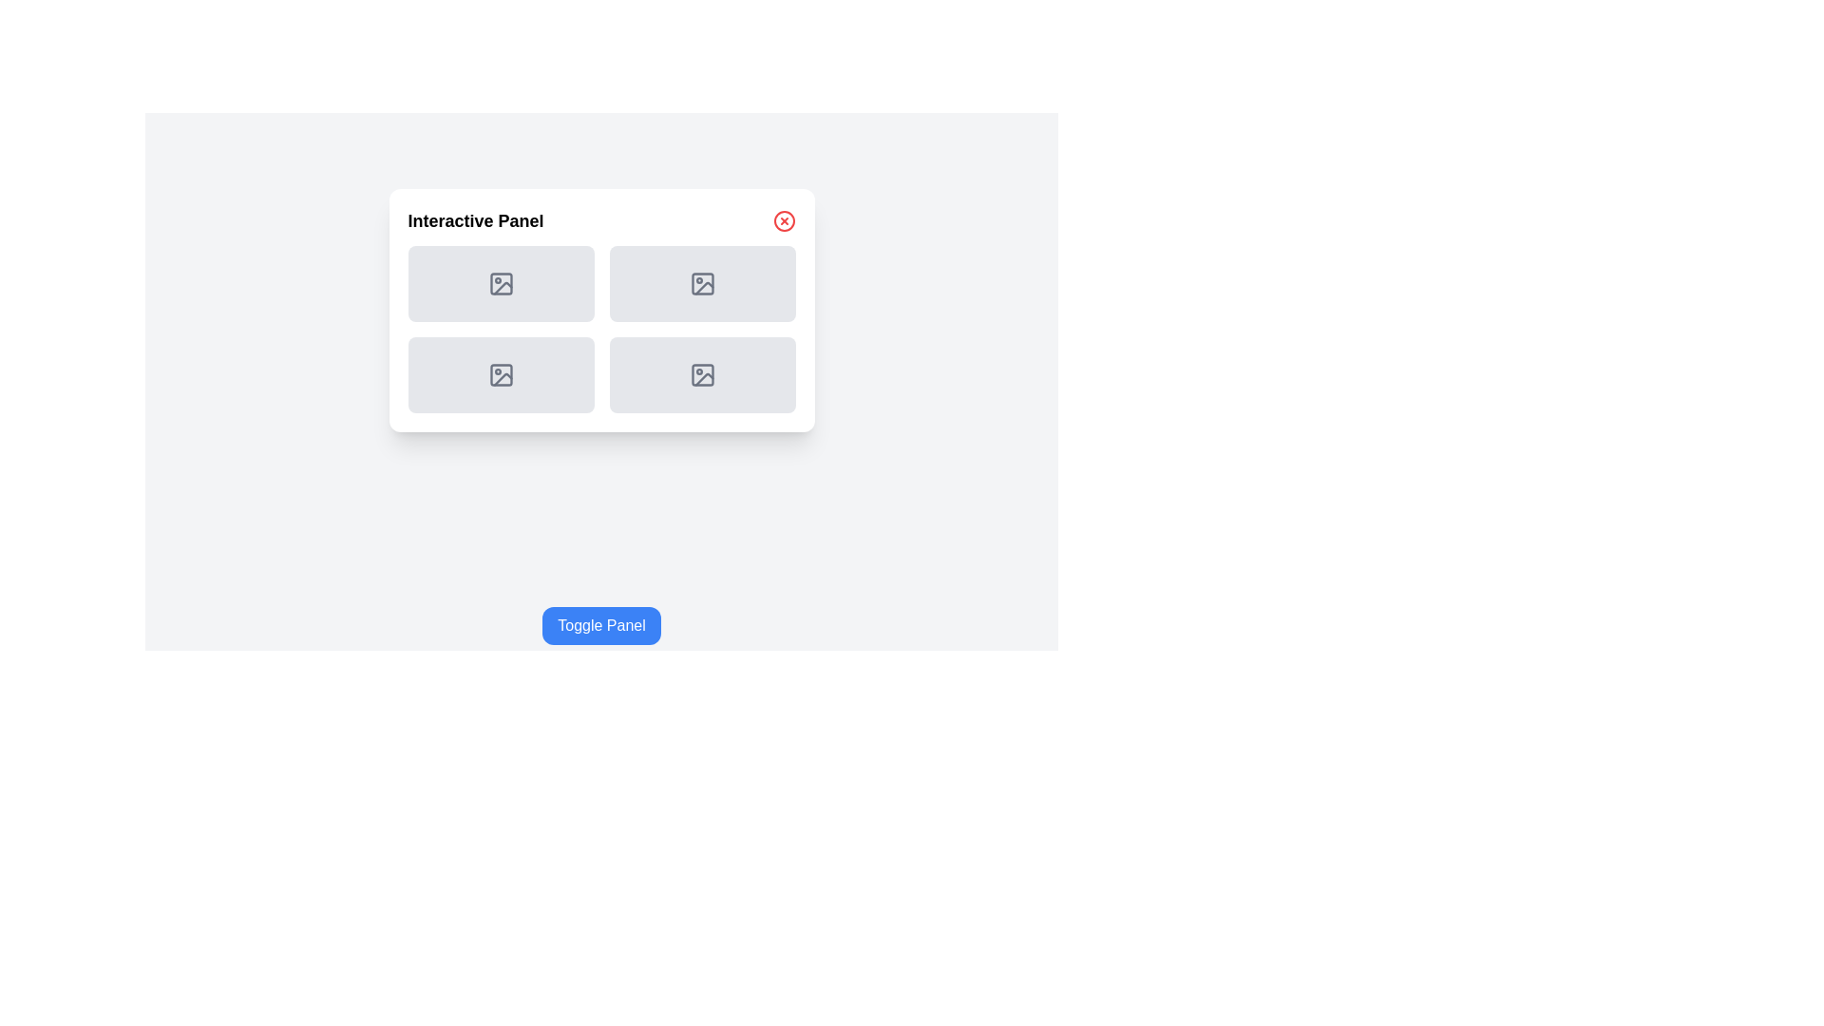  What do you see at coordinates (701, 374) in the screenshot?
I see `the bottom-right icon of the SVG icon in the 'Interactive Panel', which represents an image placeholder or preview` at bounding box center [701, 374].